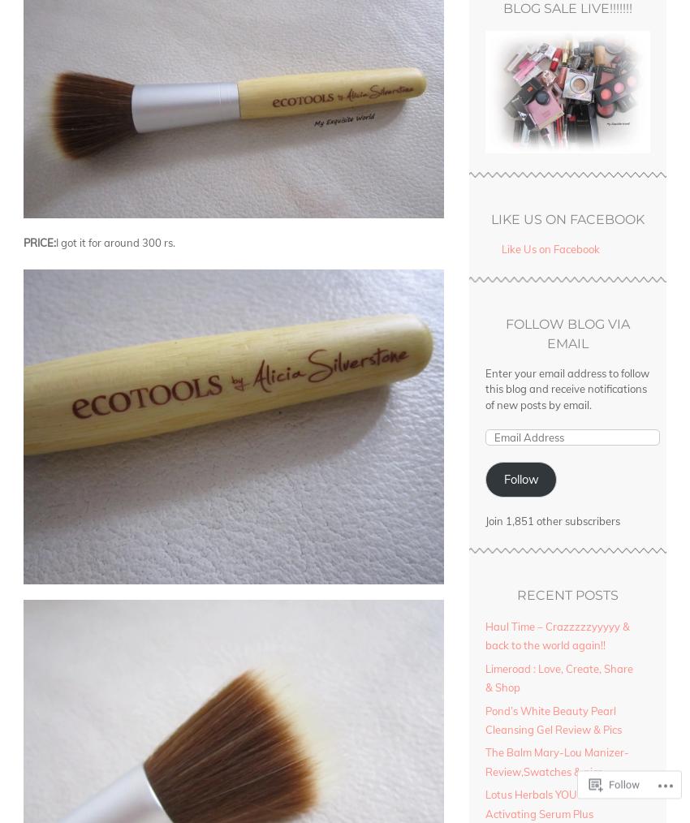  What do you see at coordinates (567, 388) in the screenshot?
I see `'Enter your email address to follow this blog and receive notifications of new posts by email.'` at bounding box center [567, 388].